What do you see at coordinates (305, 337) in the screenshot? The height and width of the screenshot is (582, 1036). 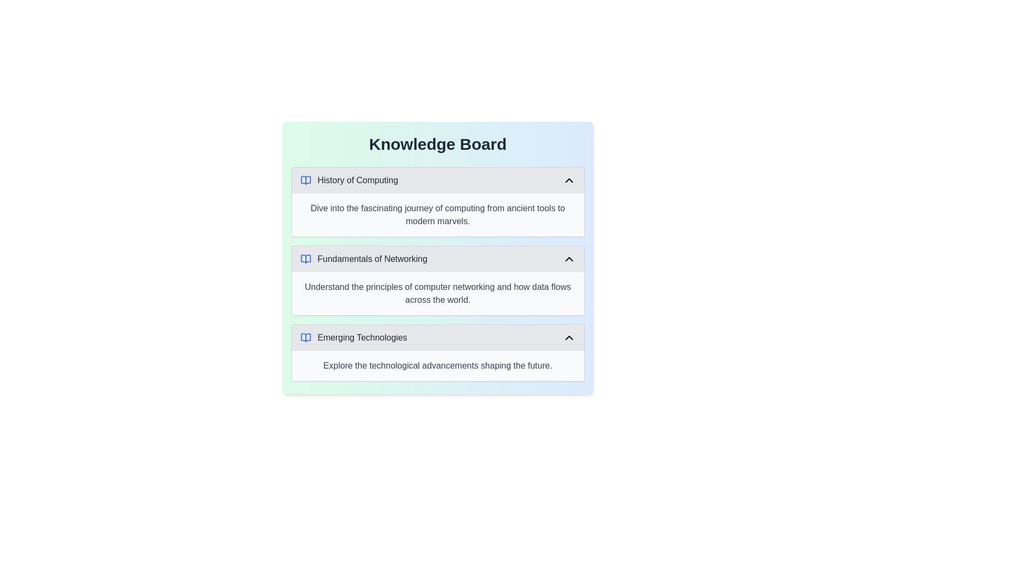 I see `the decorative icon serving as an indicator for the 'Emerging Technologies' section, which is located to the left of the text component` at bounding box center [305, 337].